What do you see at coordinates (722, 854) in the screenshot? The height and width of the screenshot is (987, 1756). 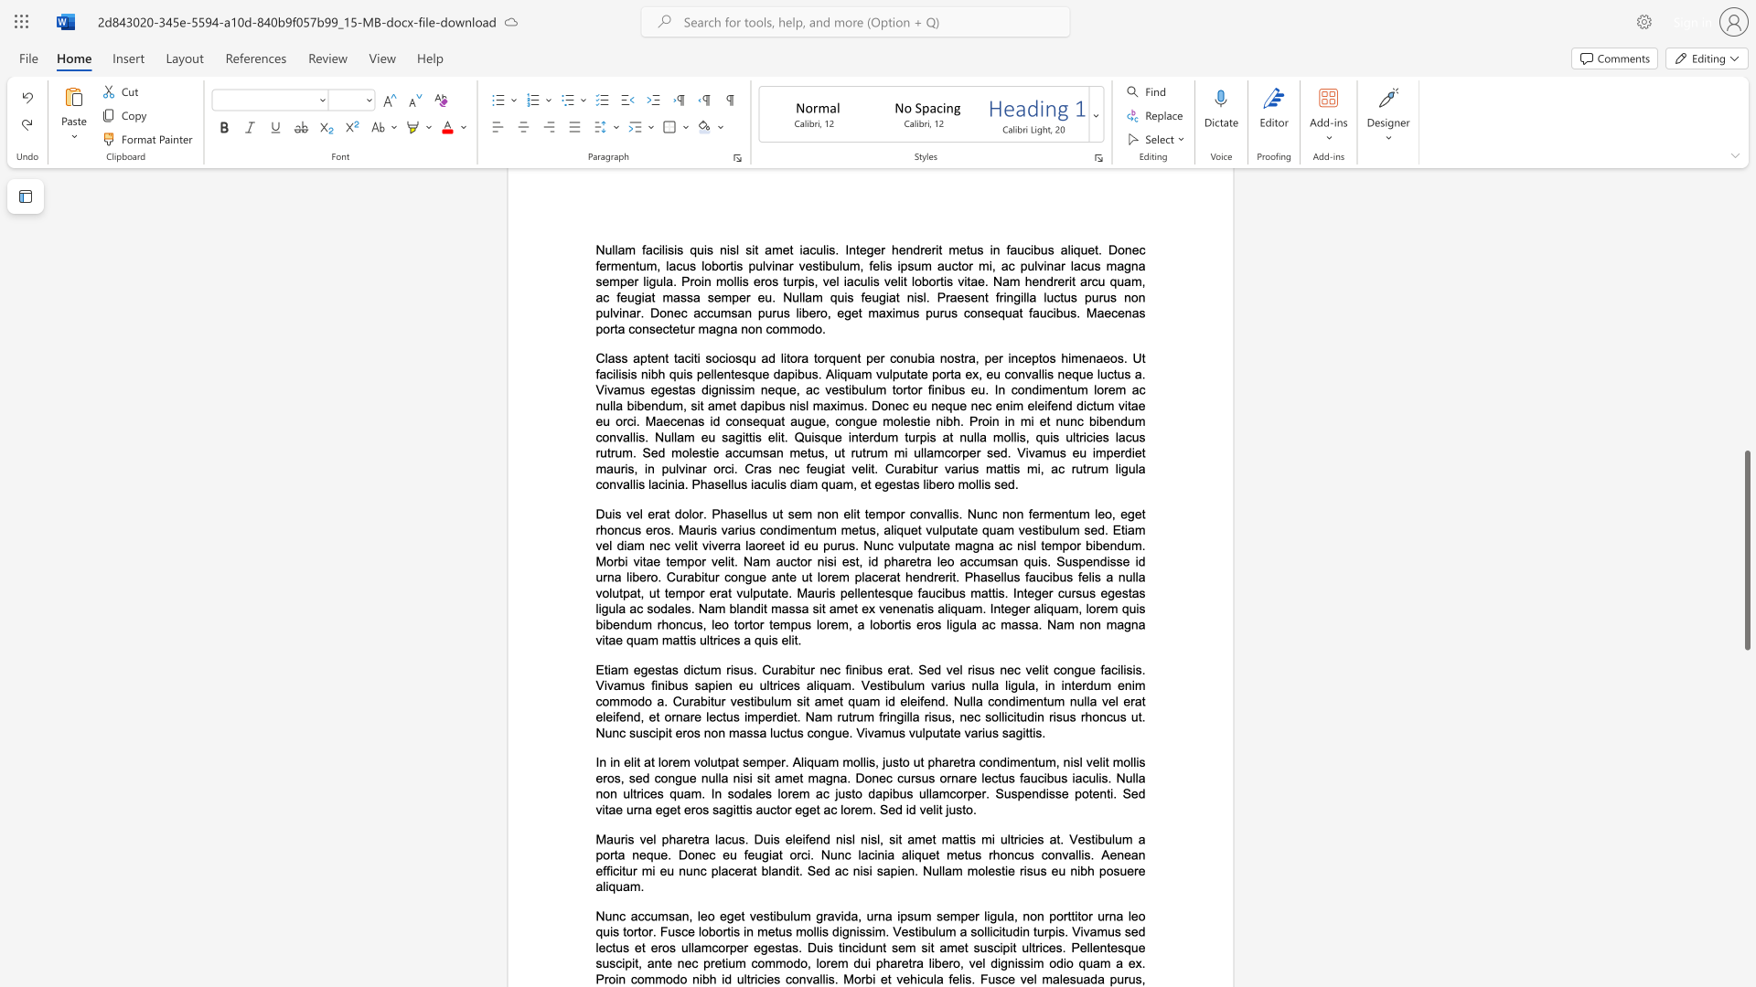 I see `the subset text "eu feugiat orci. Nunc lacinia aliquet metus rhoncus c" within the text "Mauris vel pharetra lacus. Duis eleifend nisl nisl, sit amet mattis mi ultricies at. Vestibulum a porta neque. Donec eu feugiat orci. Nunc lacinia aliquet metus rhoncus convallis. Aenean efficitur mi eu nunc placerat blandit. Sed ac nisi sapien. Nullam molestie risus eu nibh posuere aliquam."` at bounding box center [722, 854].